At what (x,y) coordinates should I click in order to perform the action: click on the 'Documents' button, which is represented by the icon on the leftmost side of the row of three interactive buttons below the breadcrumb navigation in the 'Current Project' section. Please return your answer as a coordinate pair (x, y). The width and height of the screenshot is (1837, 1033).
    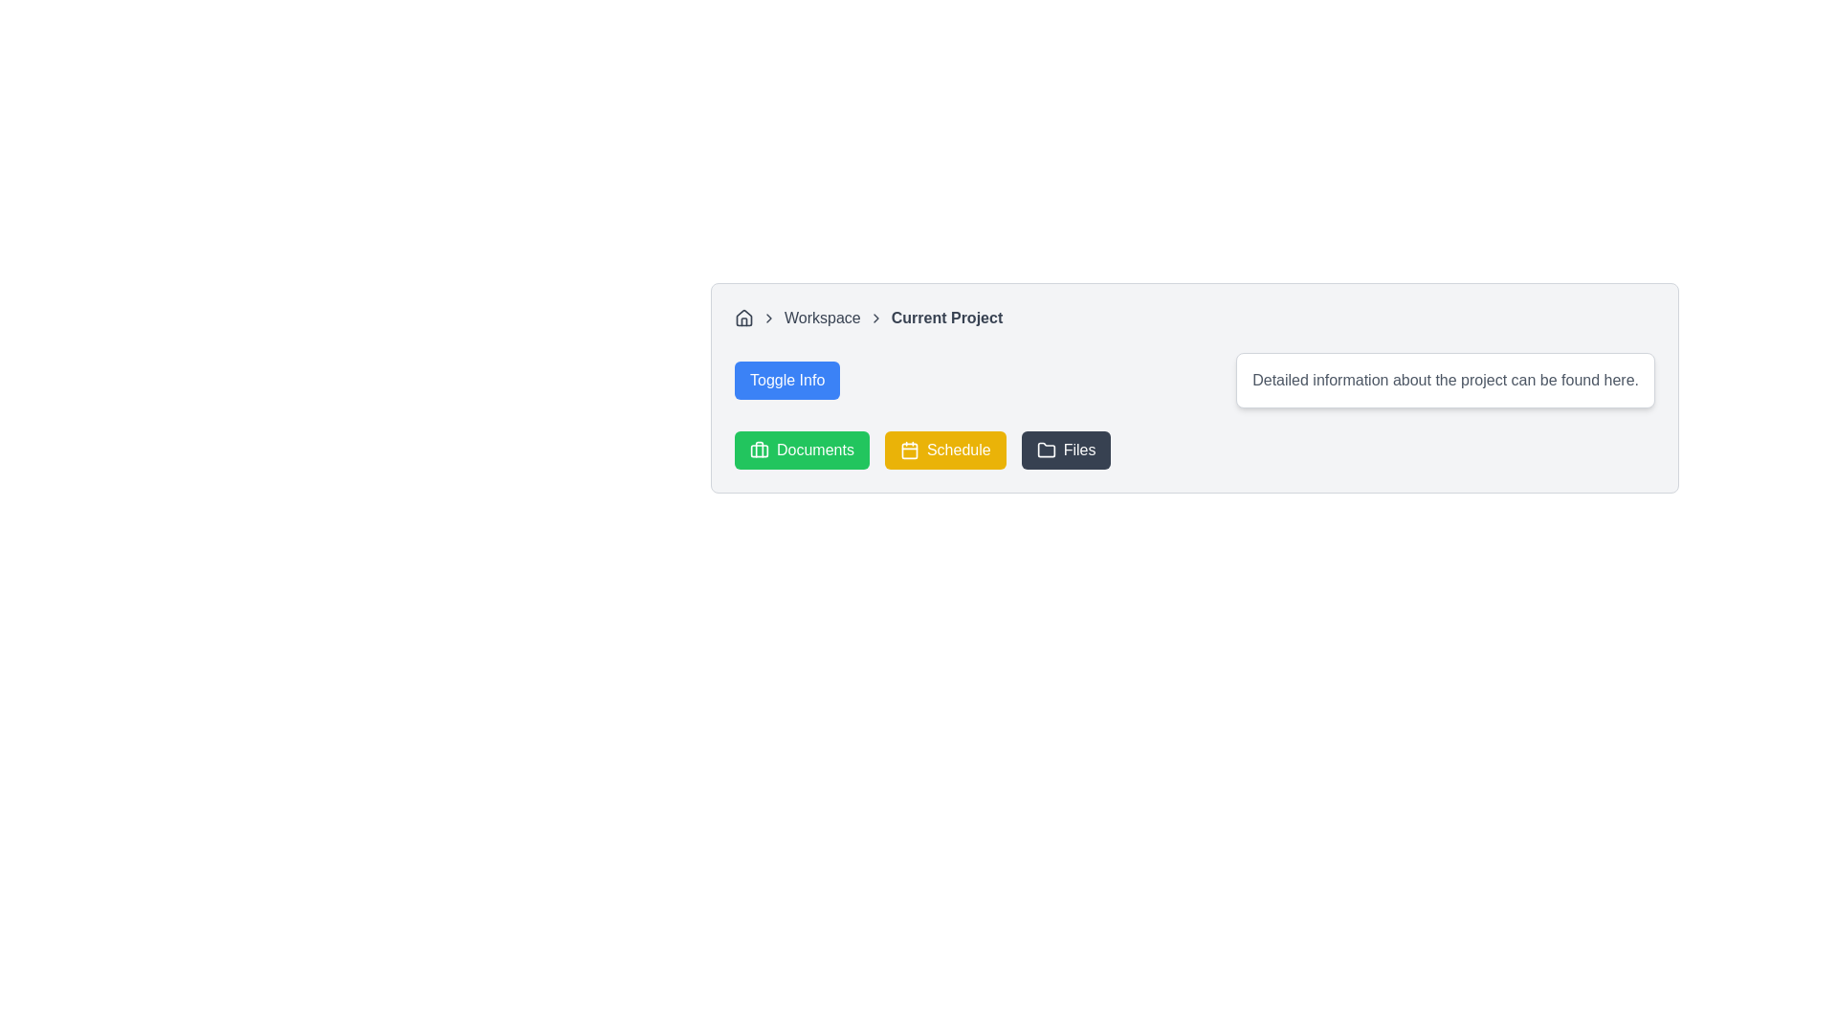
    Looking at the image, I should click on (758, 450).